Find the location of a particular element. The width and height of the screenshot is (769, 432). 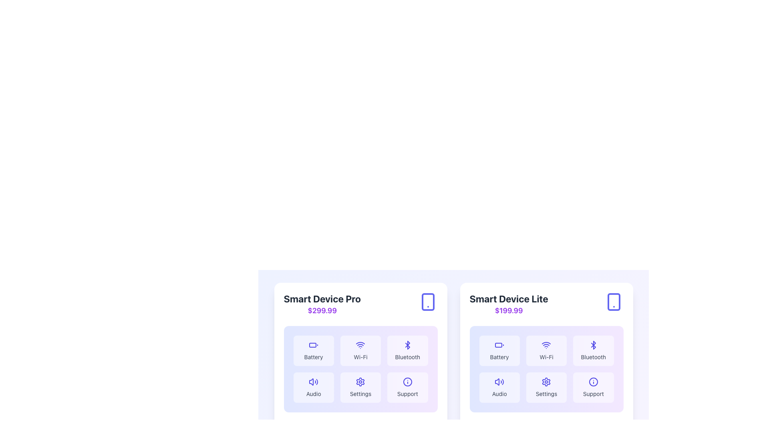

the settings icon located is located at coordinates (546, 382).